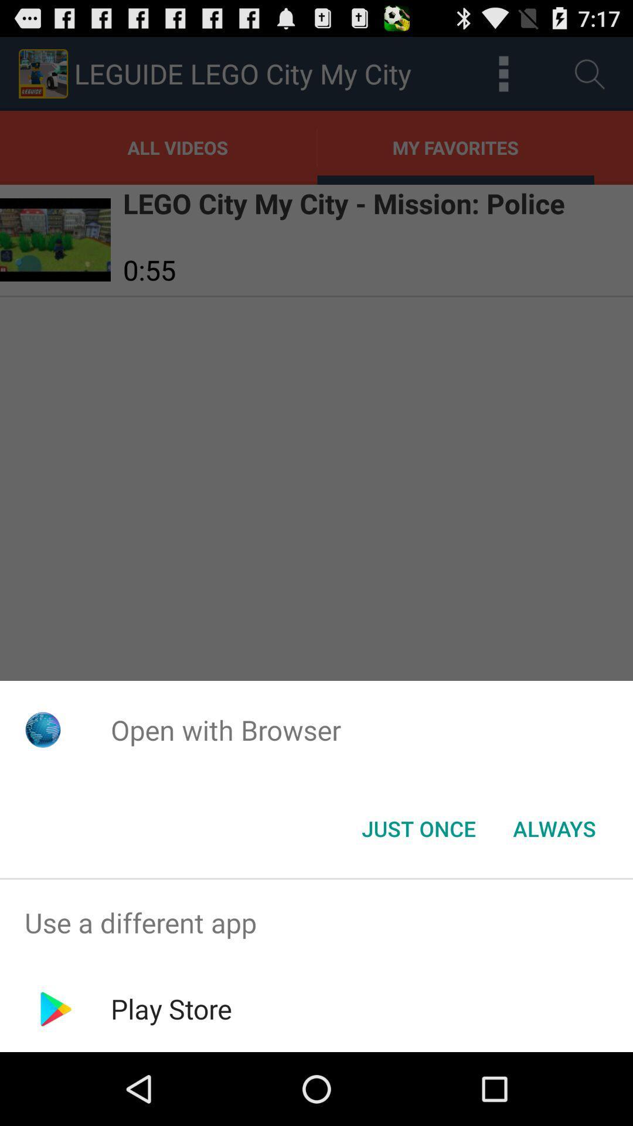  What do you see at coordinates (418, 827) in the screenshot?
I see `the icon to the left of always` at bounding box center [418, 827].